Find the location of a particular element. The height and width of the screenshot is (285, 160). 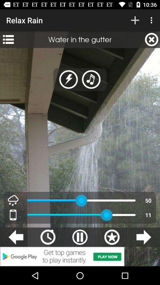

item below the water in the icon is located at coordinates (91, 79).